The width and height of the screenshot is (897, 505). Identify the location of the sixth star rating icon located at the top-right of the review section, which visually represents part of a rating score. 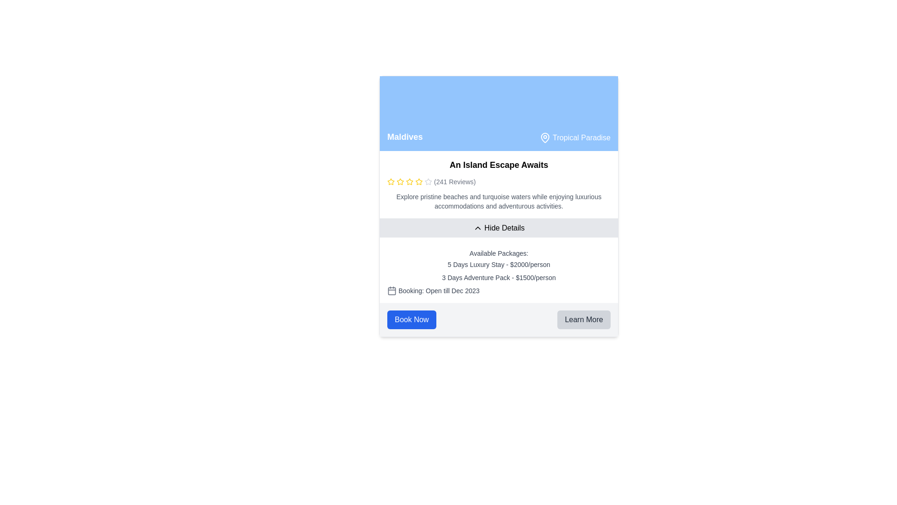
(419, 182).